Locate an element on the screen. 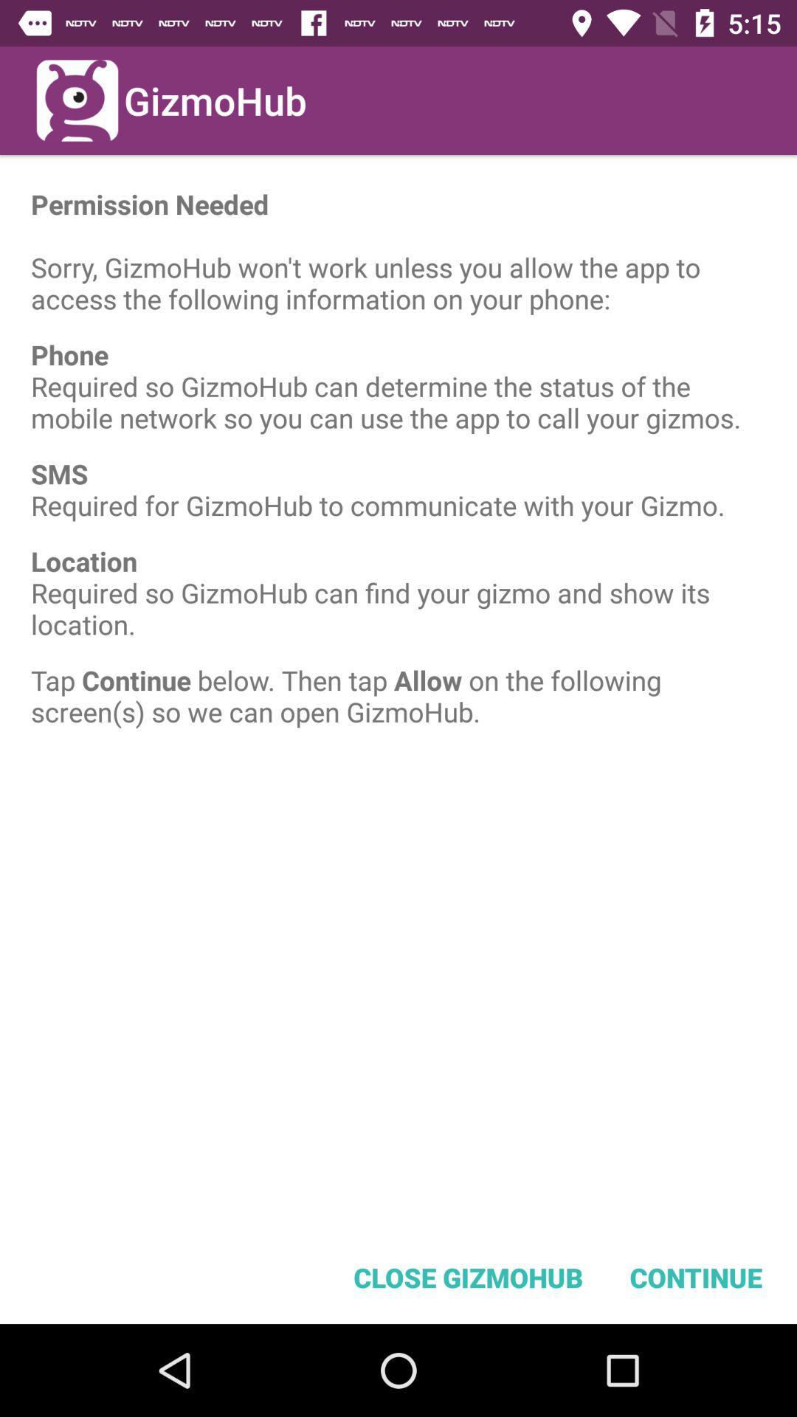 This screenshot has width=797, height=1417. the icon below the tap continue below item is located at coordinates (468, 1277).